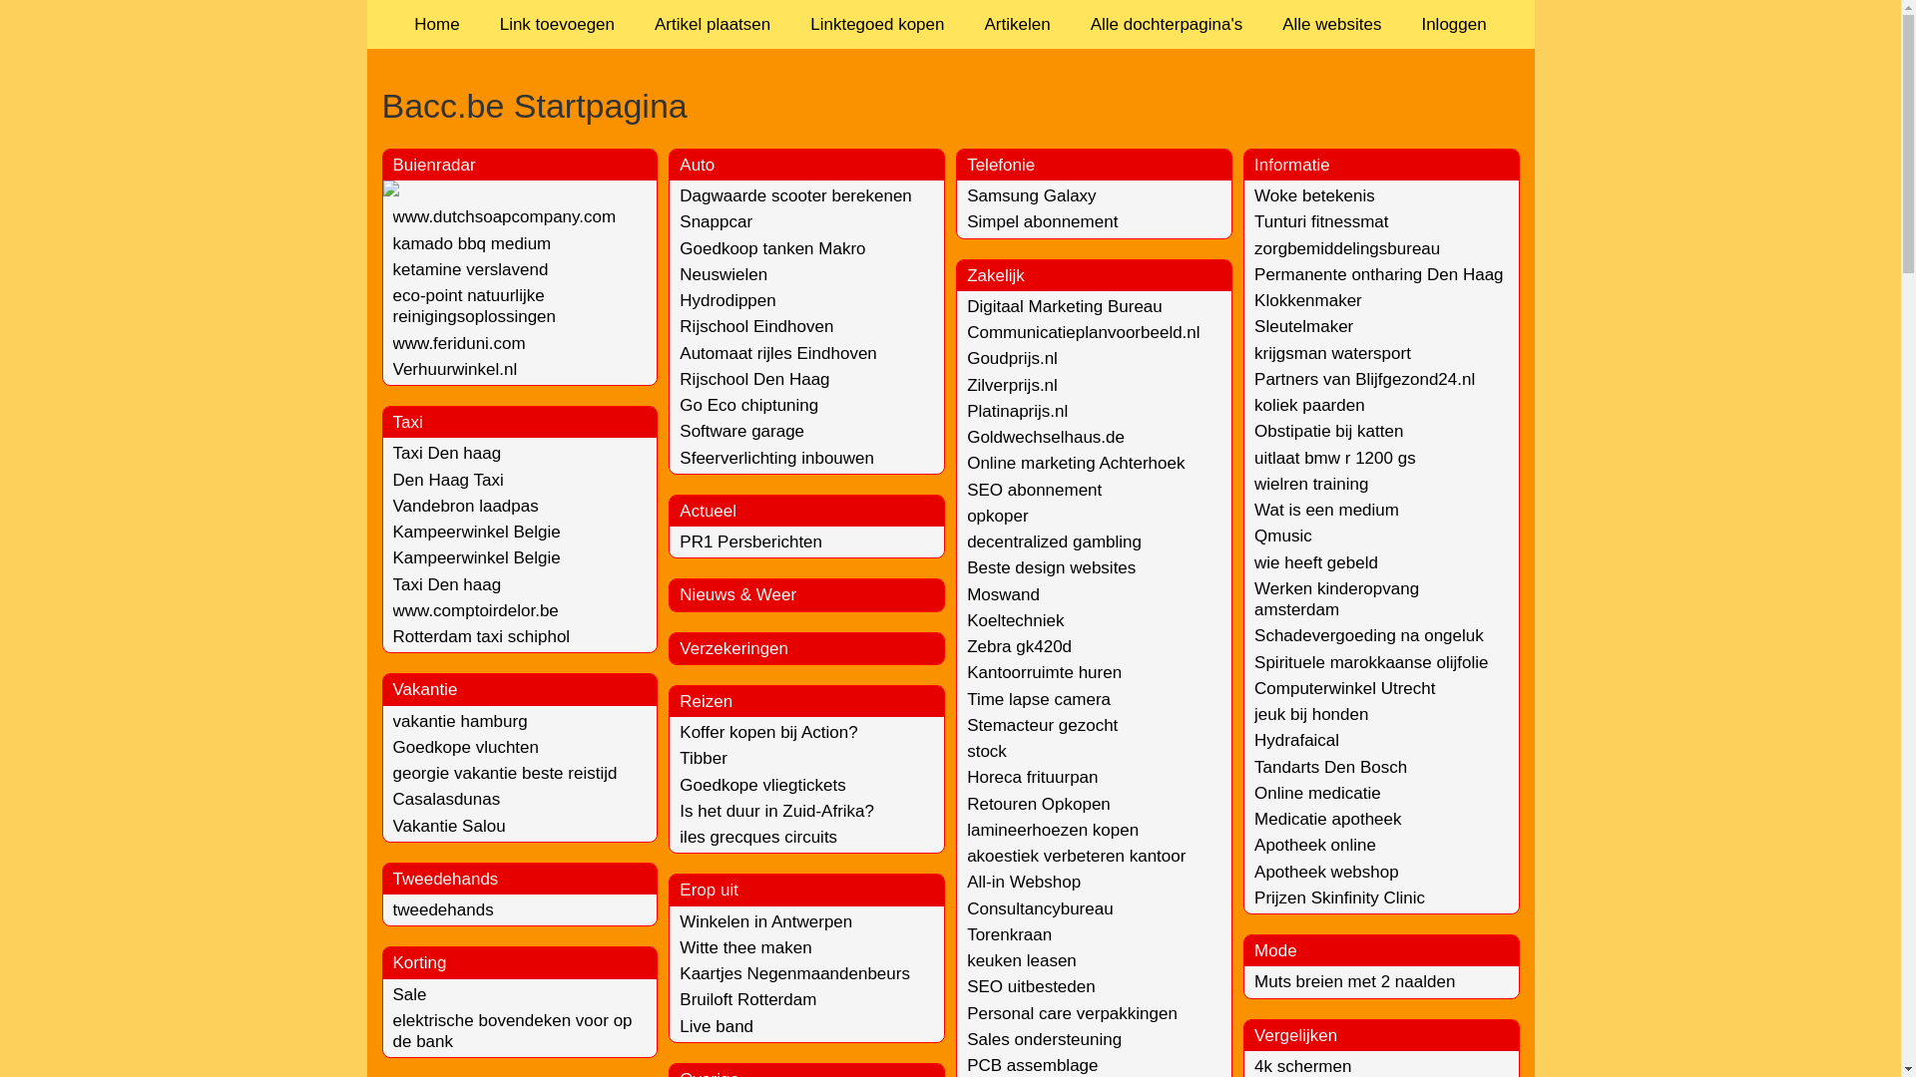 The width and height of the screenshot is (1916, 1077). I want to click on 'Goldwechselhaus.de', so click(1044, 436).